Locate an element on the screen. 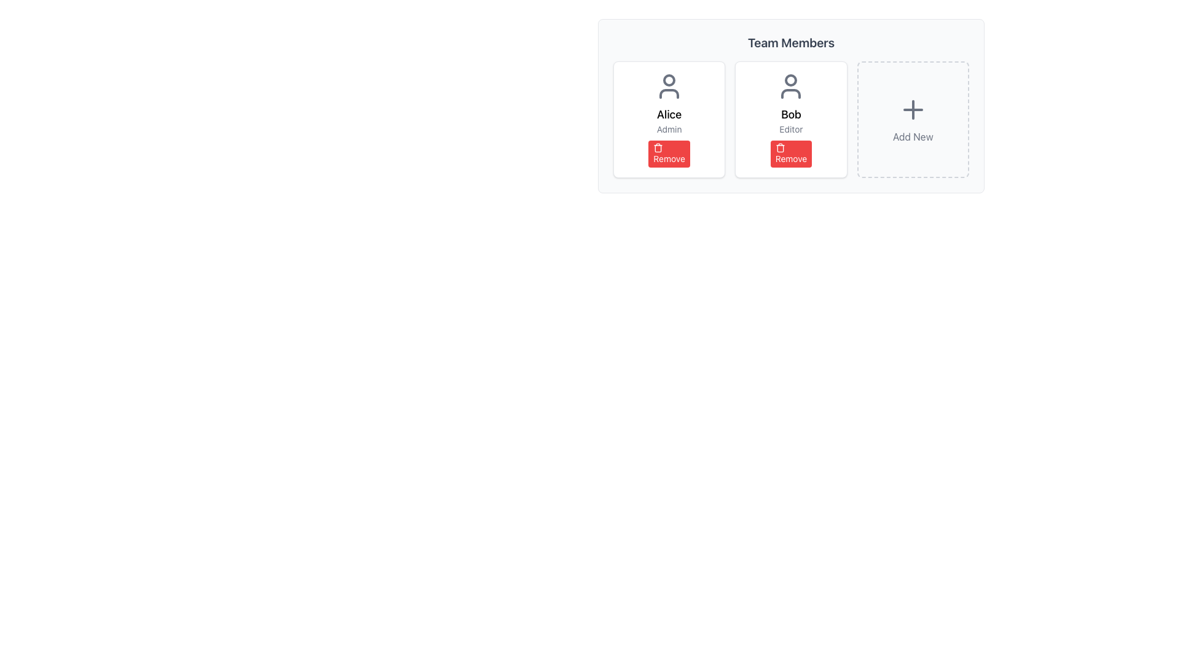 Image resolution: width=1180 pixels, height=663 pixels. the user SVG graphical icon in the first card of the 'Team Members' section, which is styled with a rounded outline and detached circular head, located above the text 'Alice' and 'Admin' is located at coordinates (669, 86).